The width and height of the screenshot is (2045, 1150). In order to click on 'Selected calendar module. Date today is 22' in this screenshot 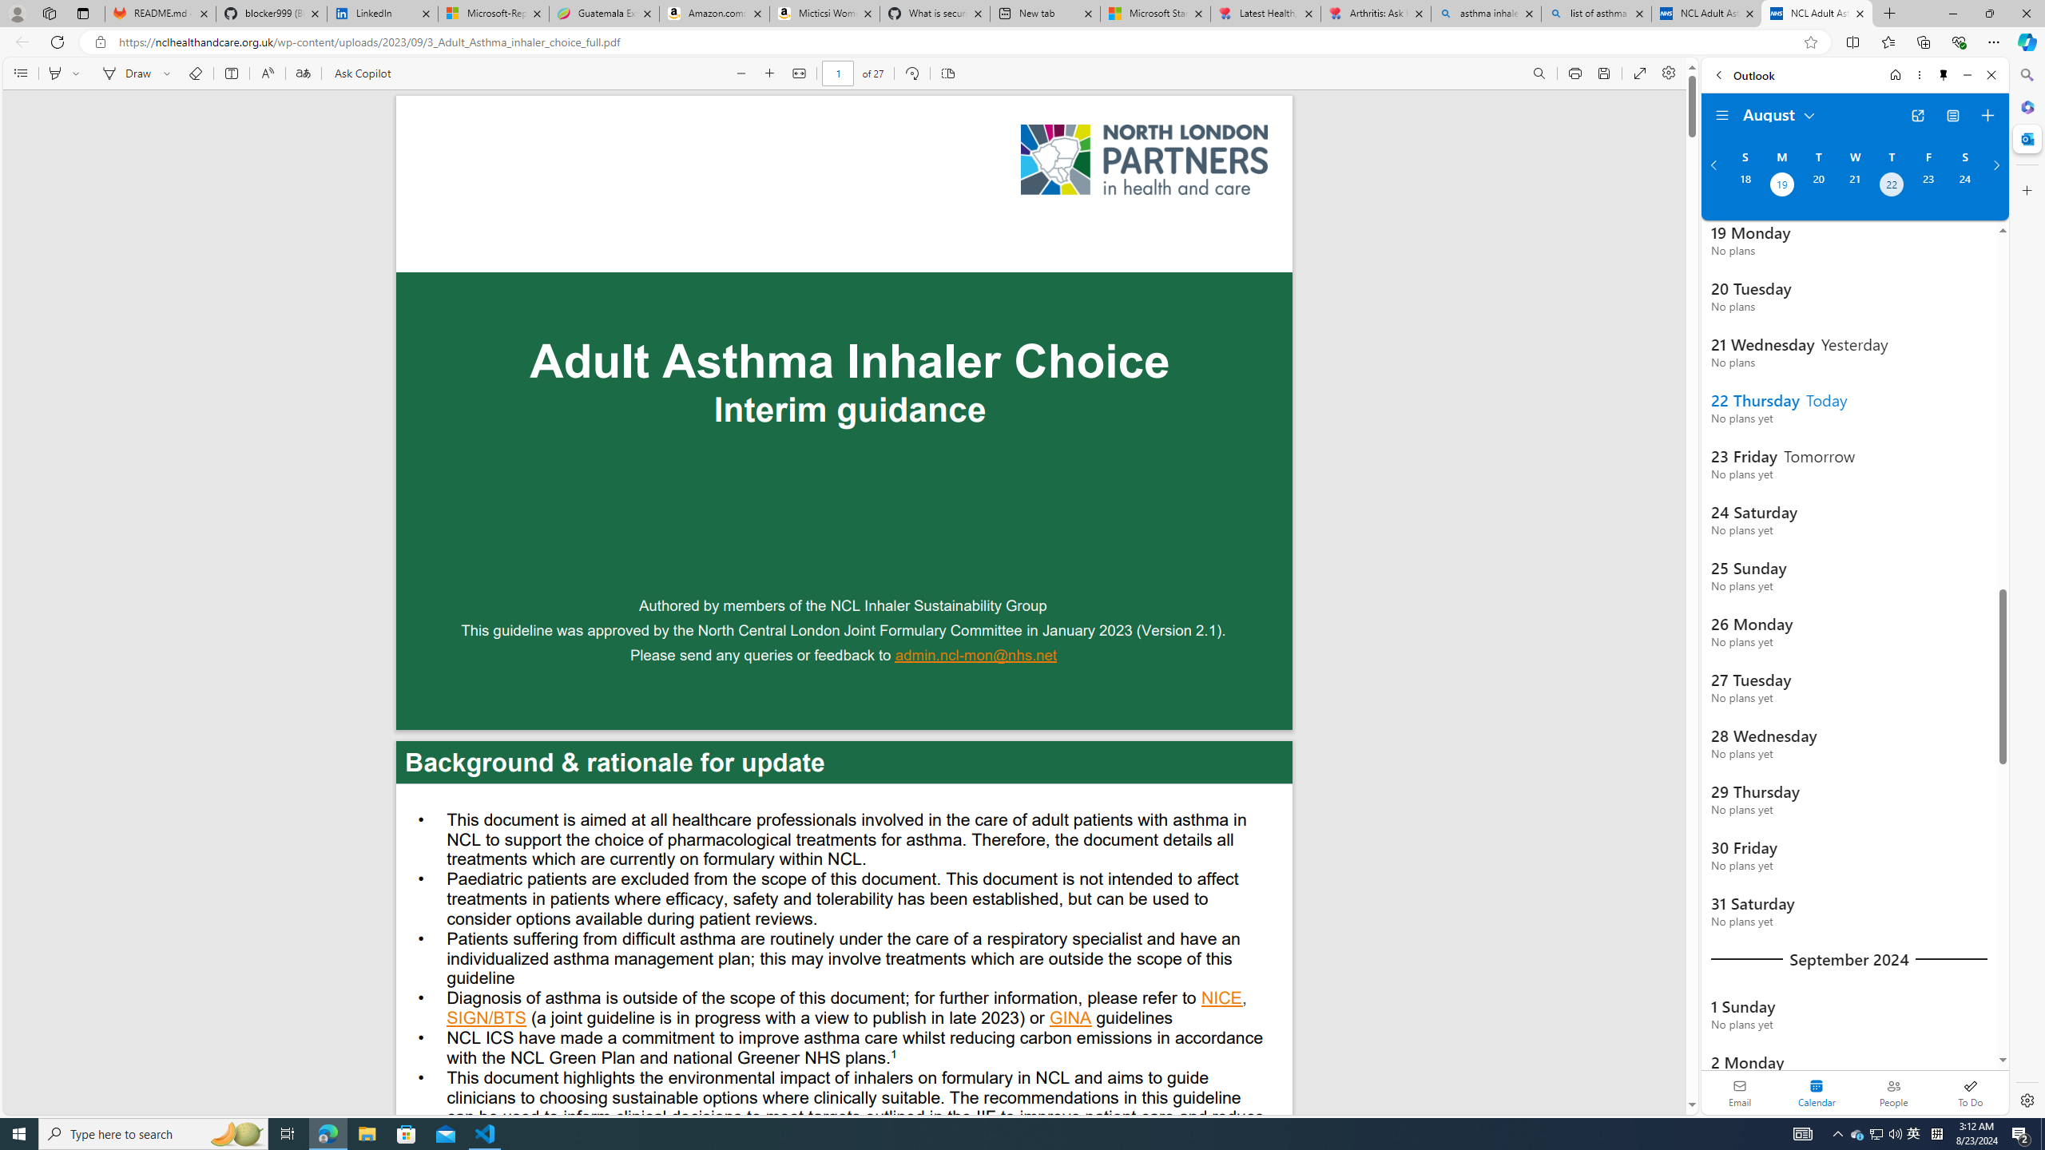, I will do `click(1817, 1092)`.